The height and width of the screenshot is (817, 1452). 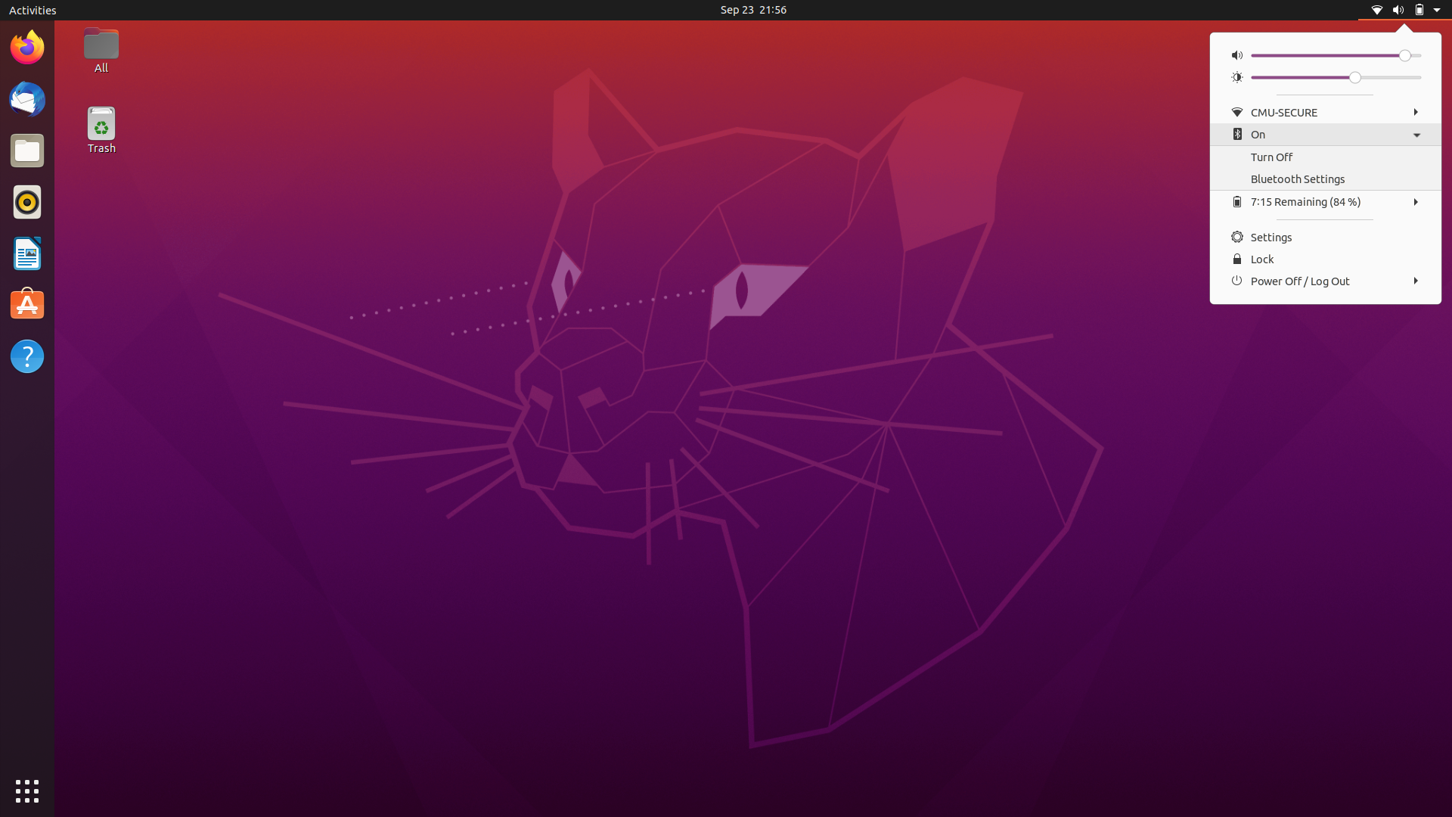 I want to click on Delete folder, so click(x=196746, y=58007).